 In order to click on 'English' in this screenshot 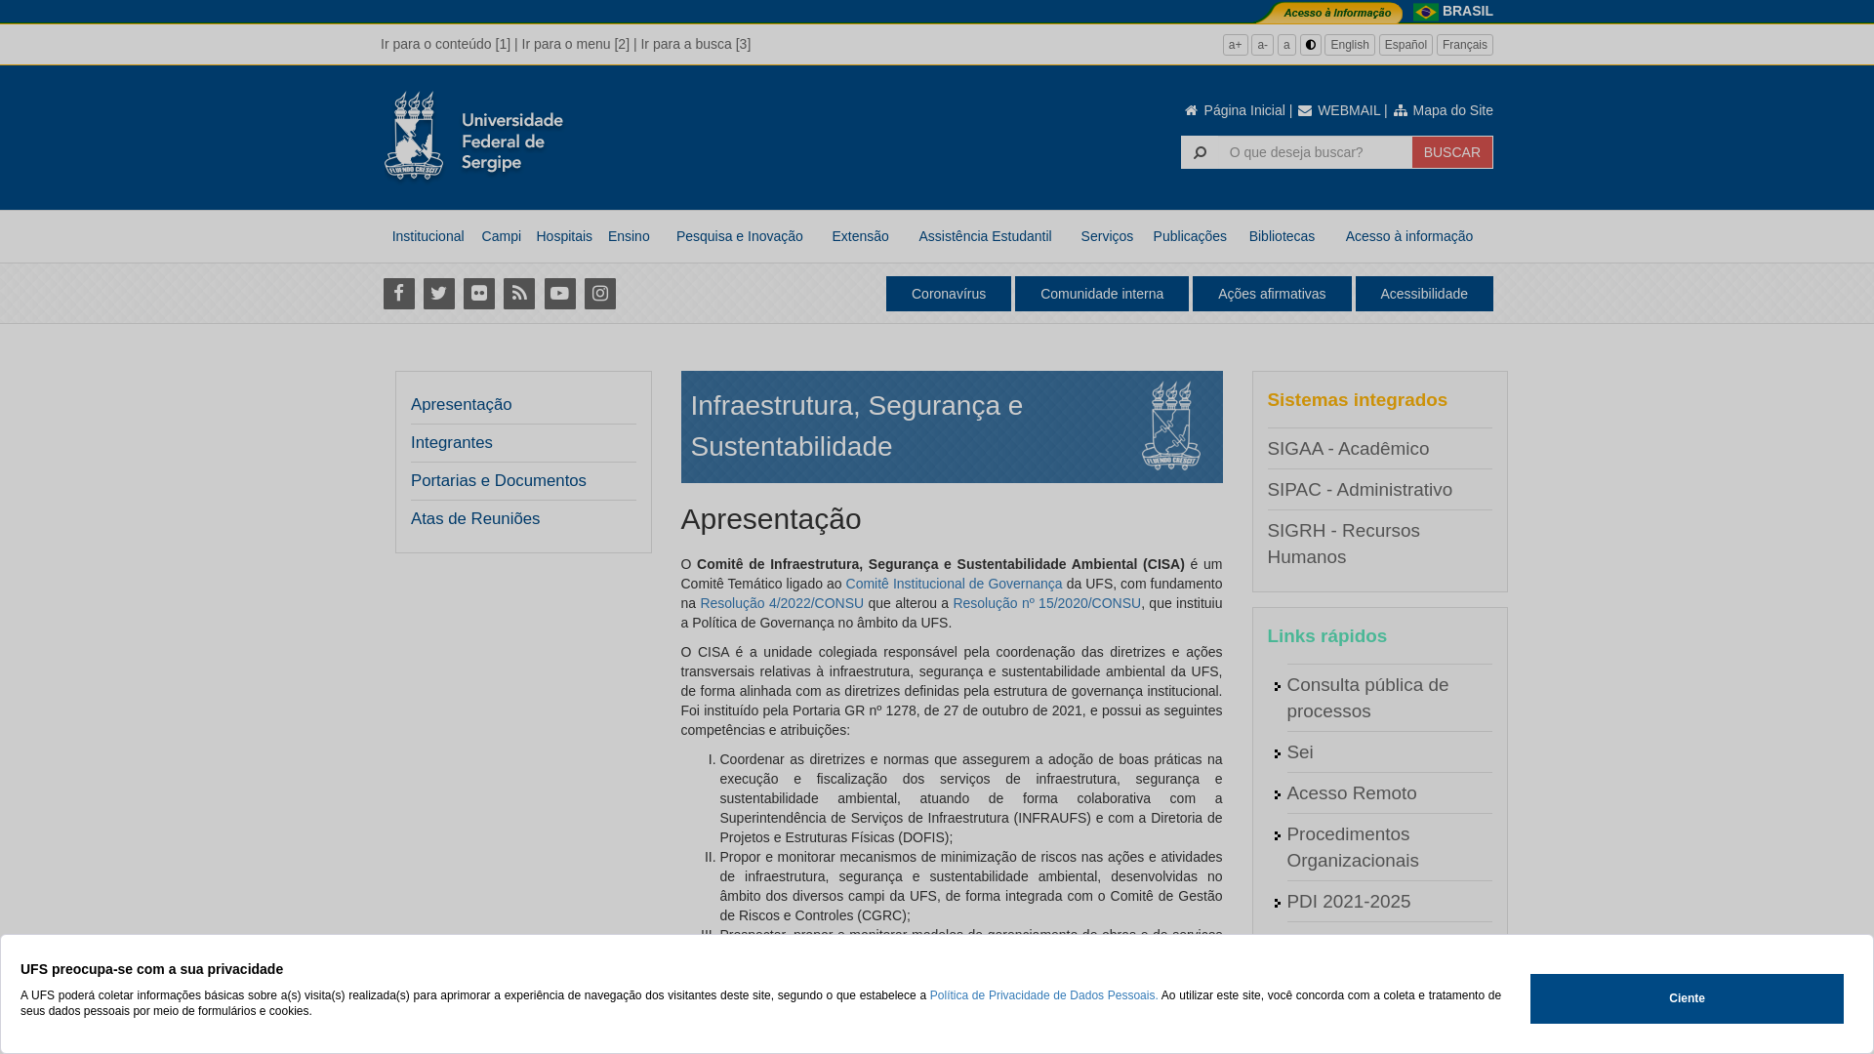, I will do `click(1348, 44)`.